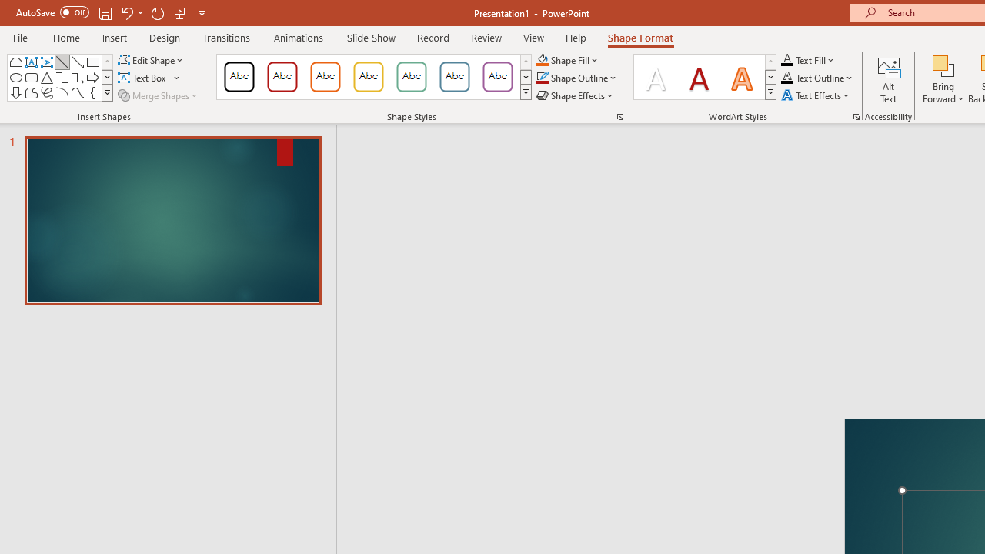 Image resolution: width=985 pixels, height=554 pixels. I want to click on 'AutomationID: TextStylesGallery', so click(705, 77).